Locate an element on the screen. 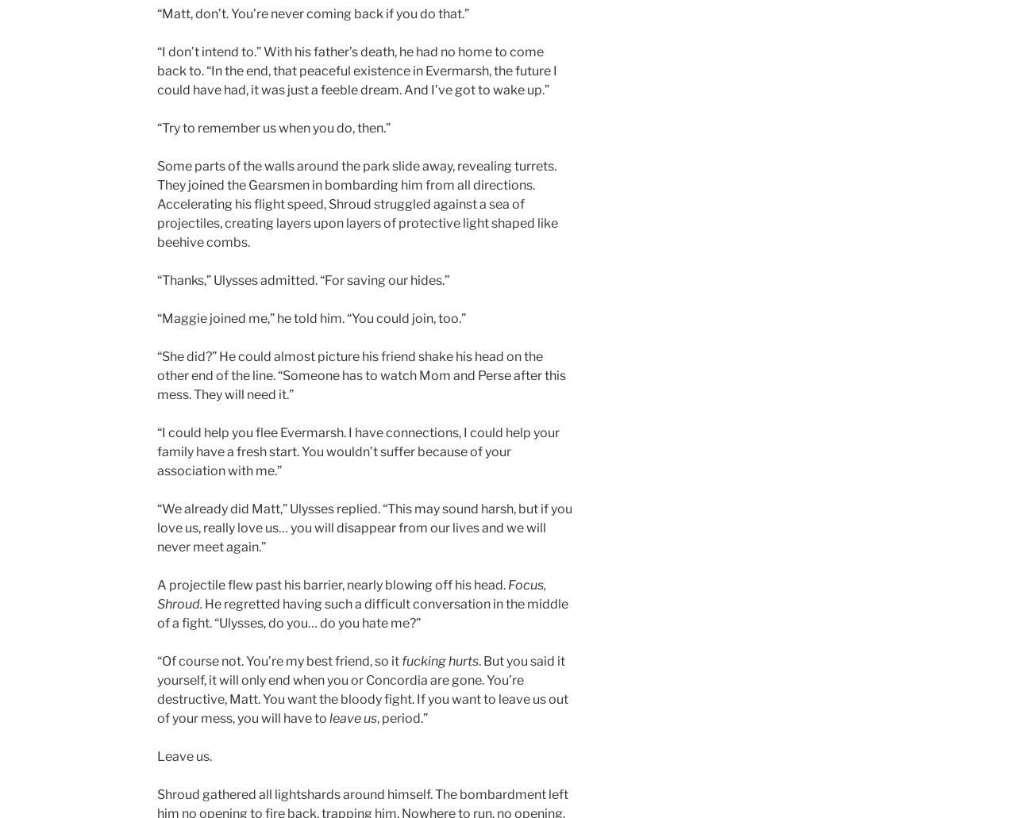 This screenshot has height=818, width=1032. 'A projectile flew past his barrier, nearly blowing off his head.' is located at coordinates (332, 584).